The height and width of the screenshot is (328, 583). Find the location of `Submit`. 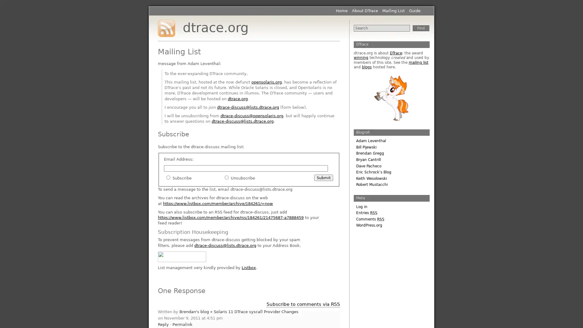

Submit is located at coordinates (323, 178).